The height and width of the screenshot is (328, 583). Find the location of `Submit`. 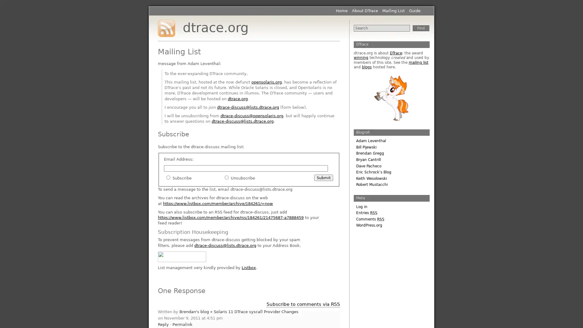

Submit is located at coordinates (323, 178).